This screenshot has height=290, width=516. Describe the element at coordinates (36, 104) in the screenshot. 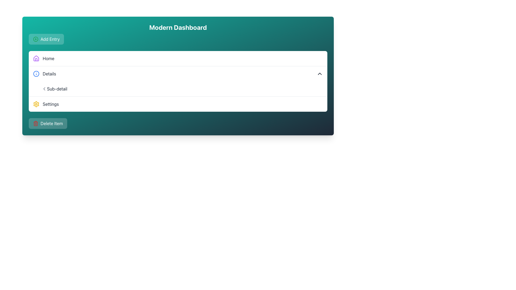

I see `the yellow gear icon that represents the settings functionality, located to the left of the 'Settings' label in the fourth row of the interface options` at that location.